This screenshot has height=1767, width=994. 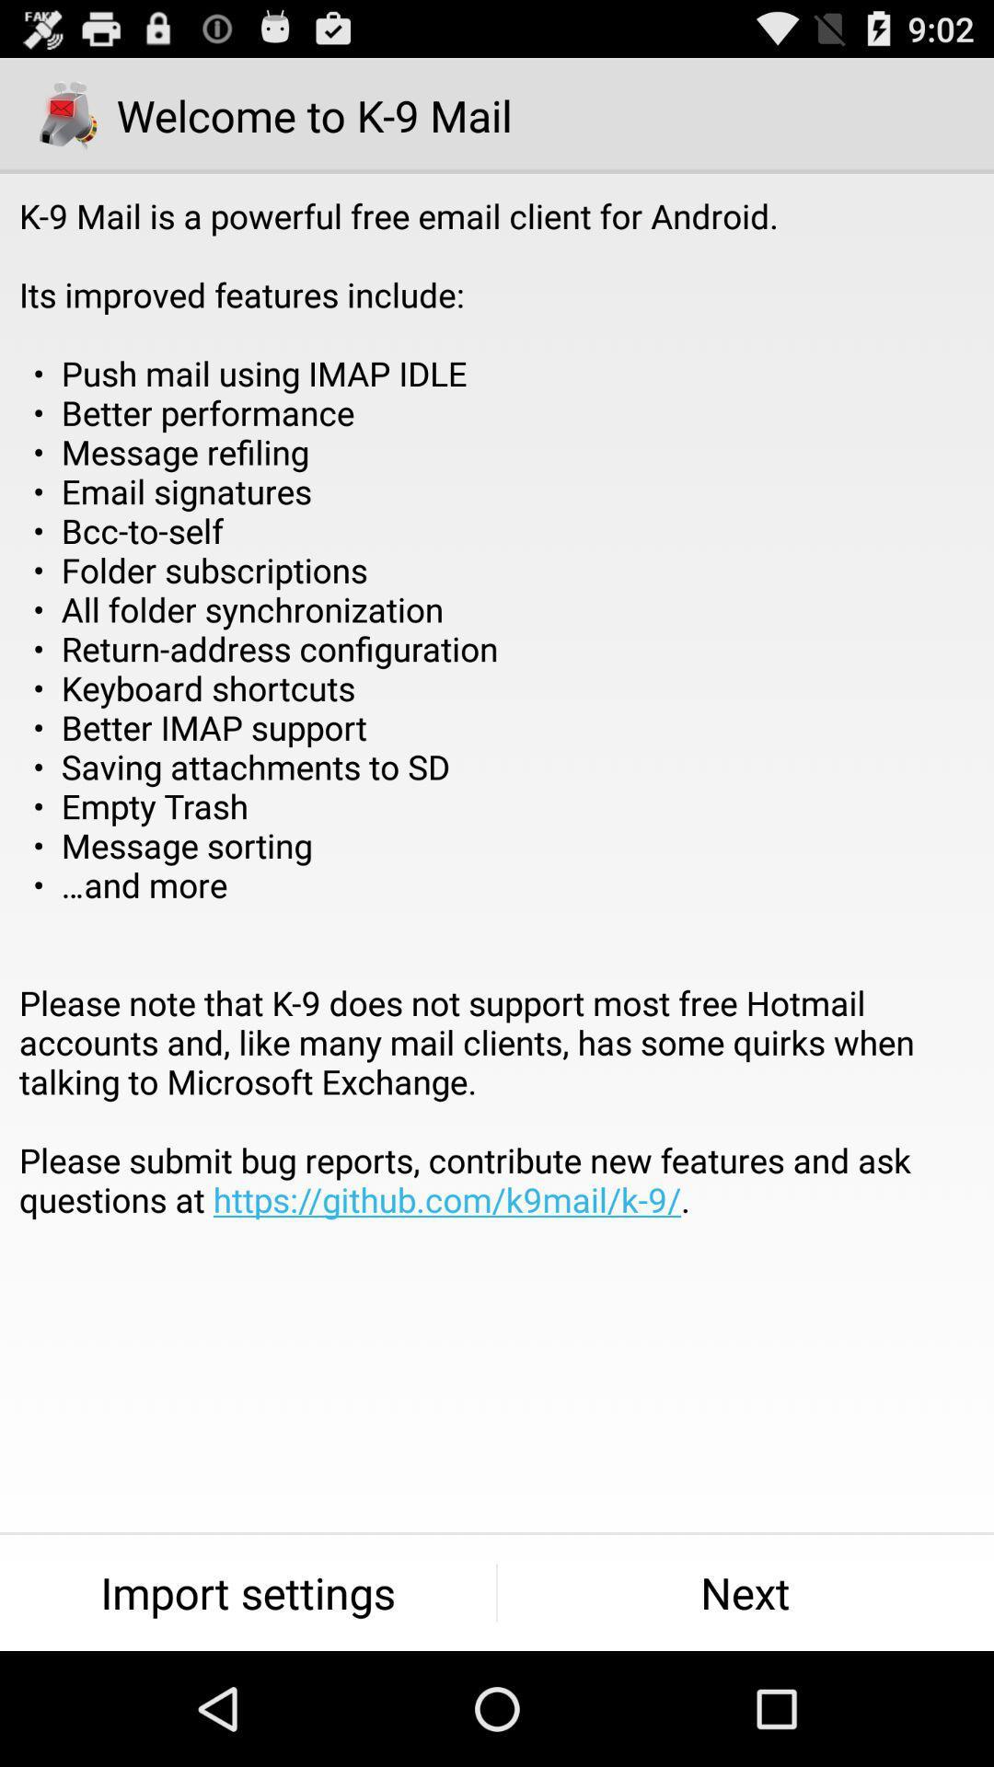 I want to click on the icon next to the import settings, so click(x=745, y=1592).